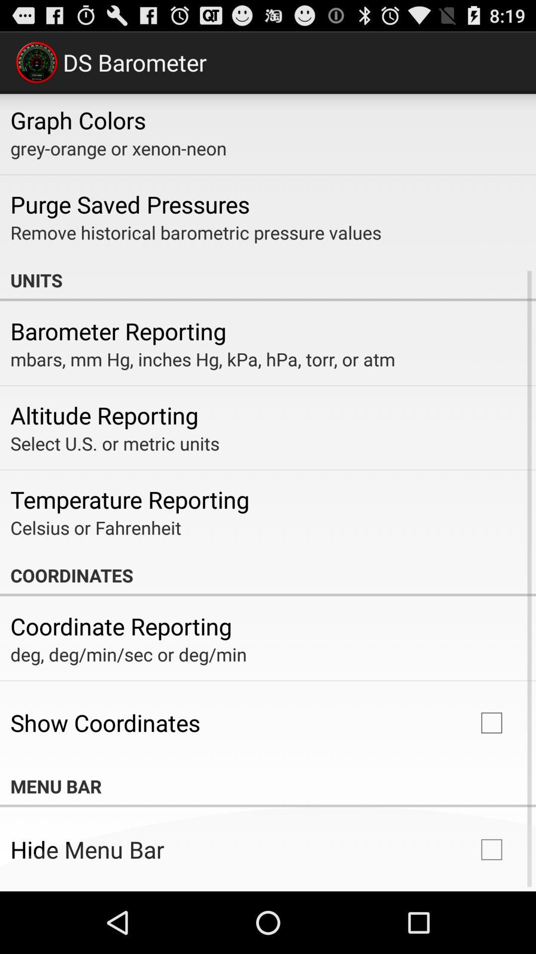  What do you see at coordinates (105, 722) in the screenshot?
I see `the show coordinates icon` at bounding box center [105, 722].